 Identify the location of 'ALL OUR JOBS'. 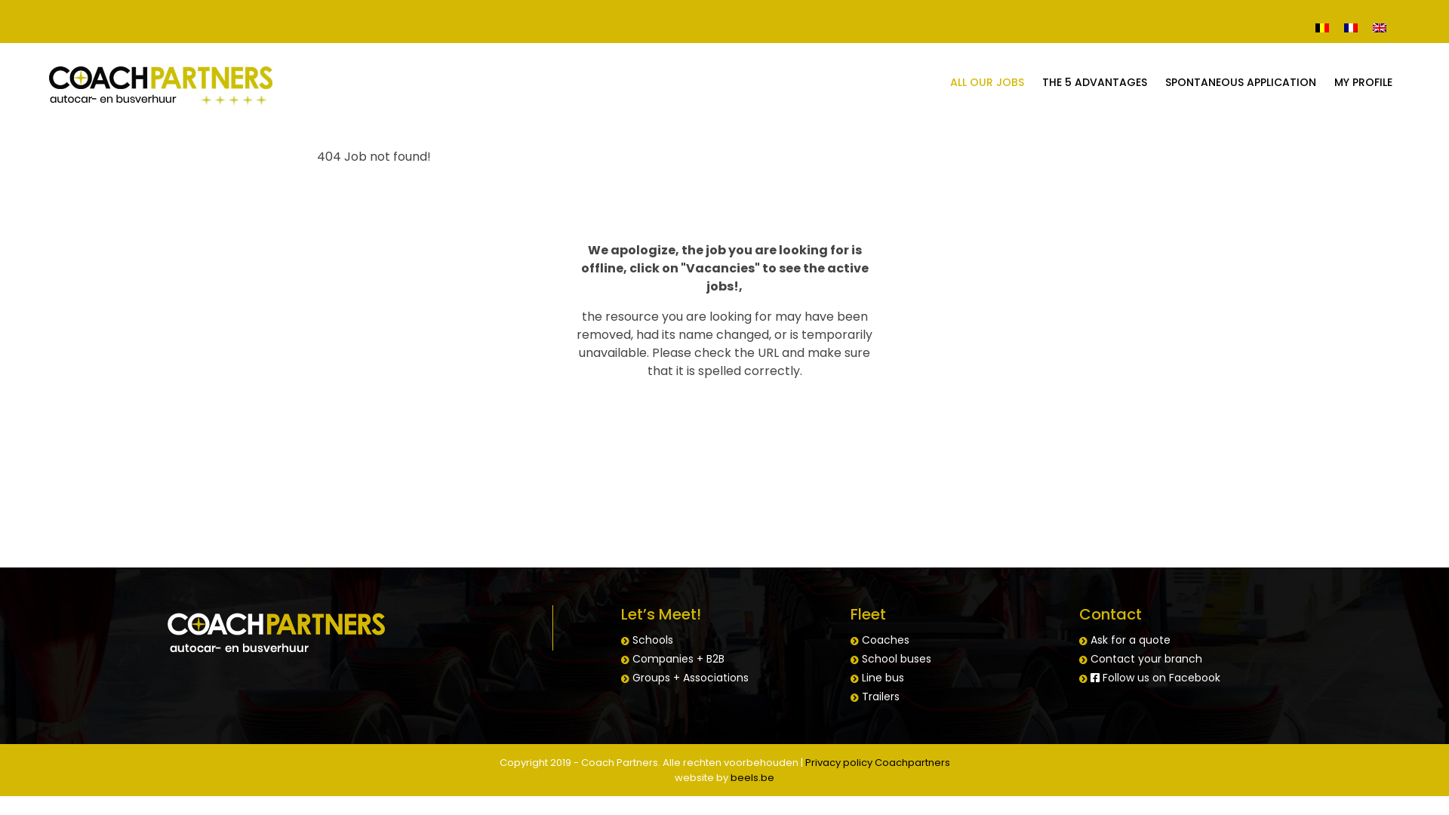
(987, 81).